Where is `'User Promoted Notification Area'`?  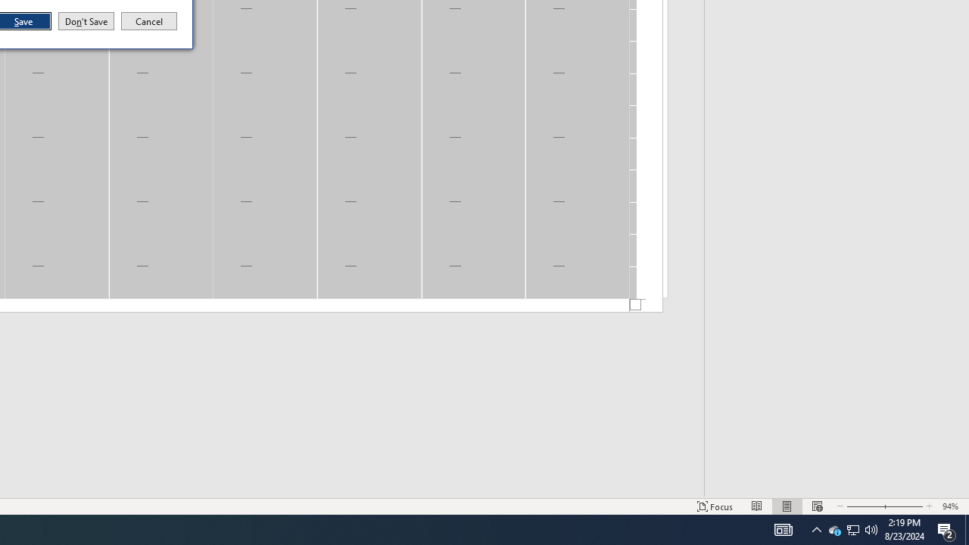 'User Promoted Notification Area' is located at coordinates (833, 528).